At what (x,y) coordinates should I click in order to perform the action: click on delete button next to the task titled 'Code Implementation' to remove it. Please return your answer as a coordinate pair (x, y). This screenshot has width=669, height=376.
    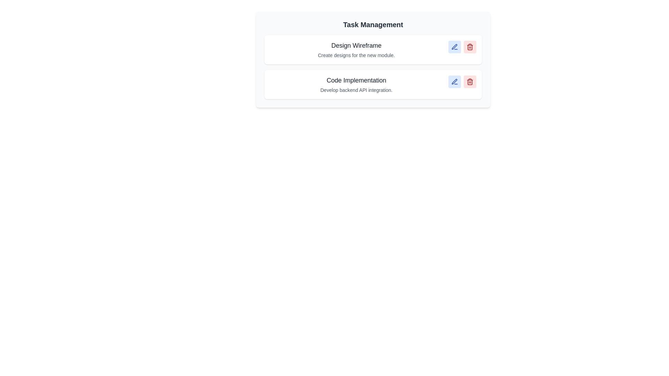
    Looking at the image, I should click on (470, 81).